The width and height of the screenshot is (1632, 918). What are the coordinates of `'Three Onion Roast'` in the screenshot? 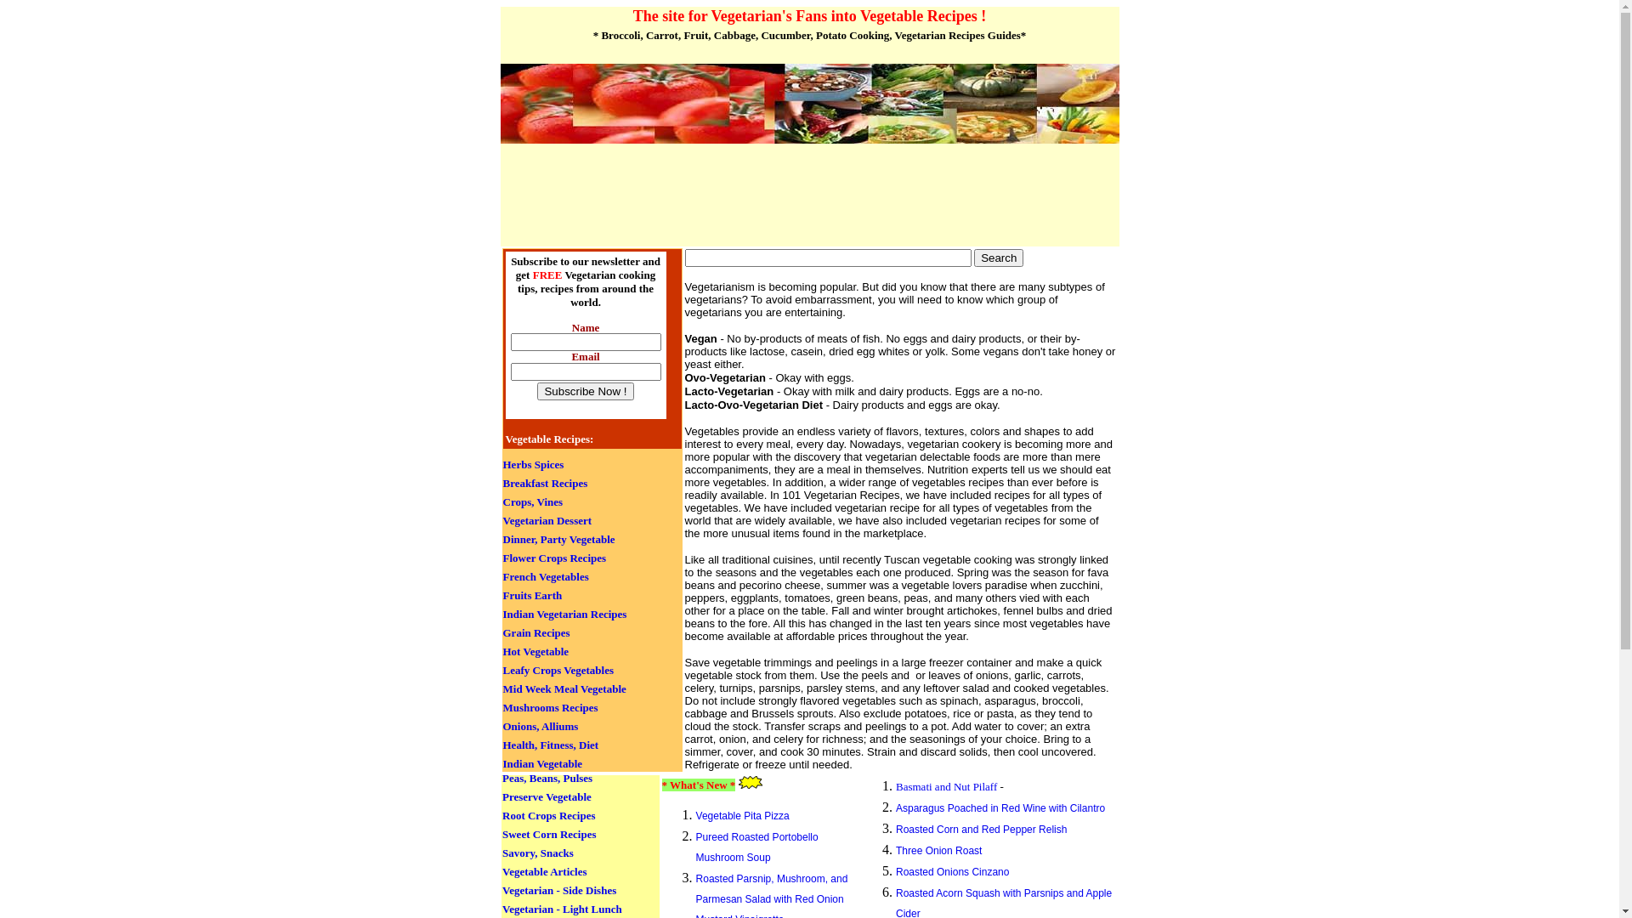 It's located at (895, 851).